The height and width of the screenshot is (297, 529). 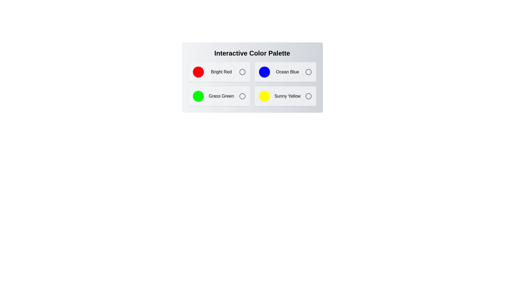 I want to click on the color Grass Green, so click(x=219, y=96).